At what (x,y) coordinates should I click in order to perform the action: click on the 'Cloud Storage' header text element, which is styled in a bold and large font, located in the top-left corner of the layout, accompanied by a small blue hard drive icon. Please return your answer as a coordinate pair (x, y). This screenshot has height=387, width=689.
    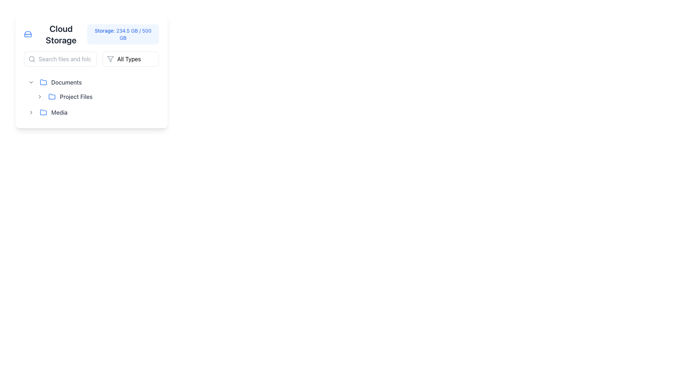
    Looking at the image, I should click on (55, 34).